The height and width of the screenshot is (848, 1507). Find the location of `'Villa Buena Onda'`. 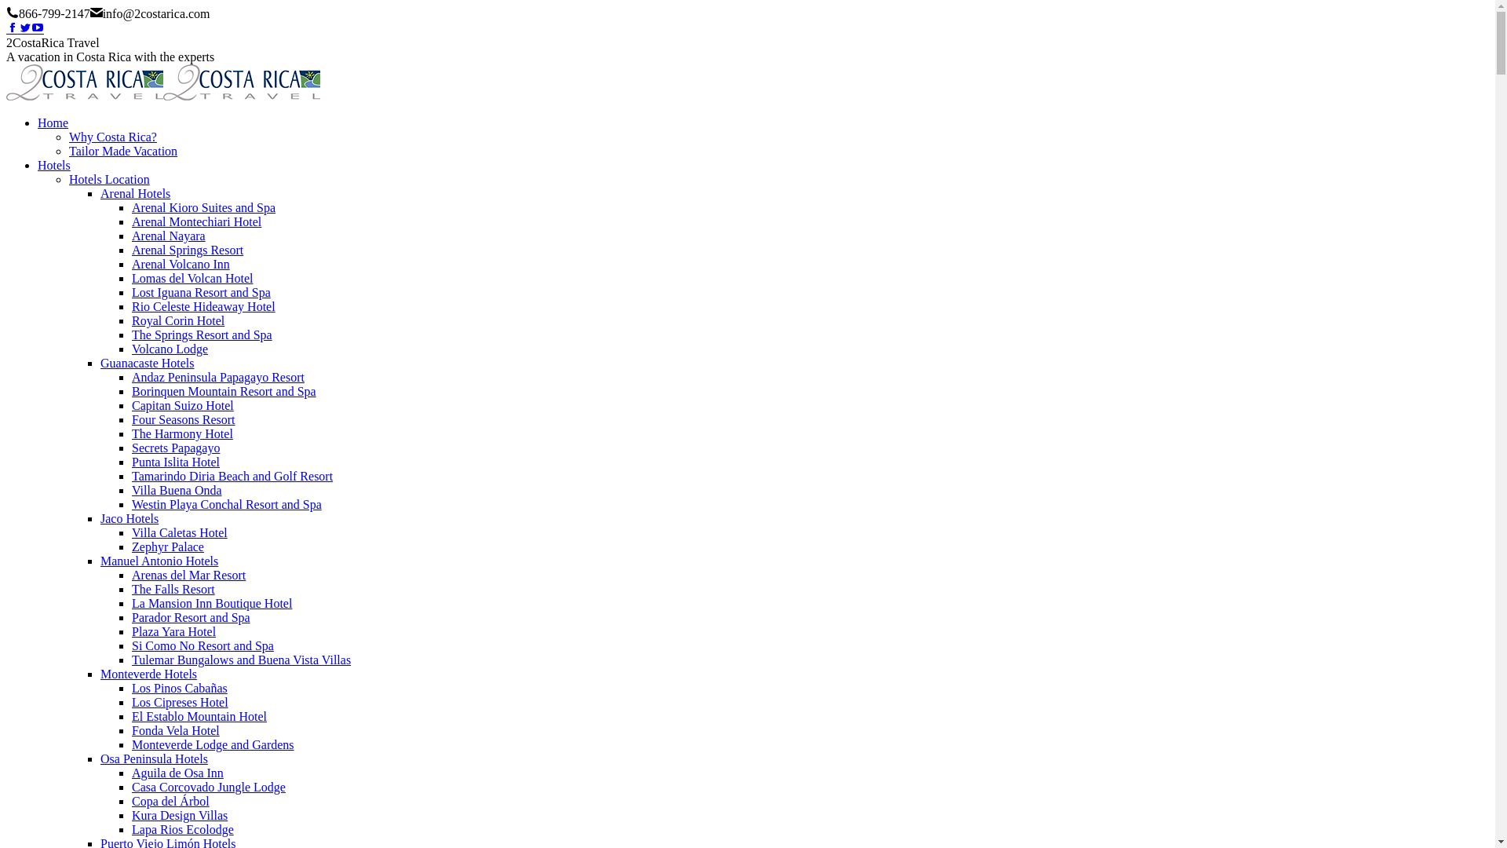

'Villa Buena Onda' is located at coordinates (177, 489).